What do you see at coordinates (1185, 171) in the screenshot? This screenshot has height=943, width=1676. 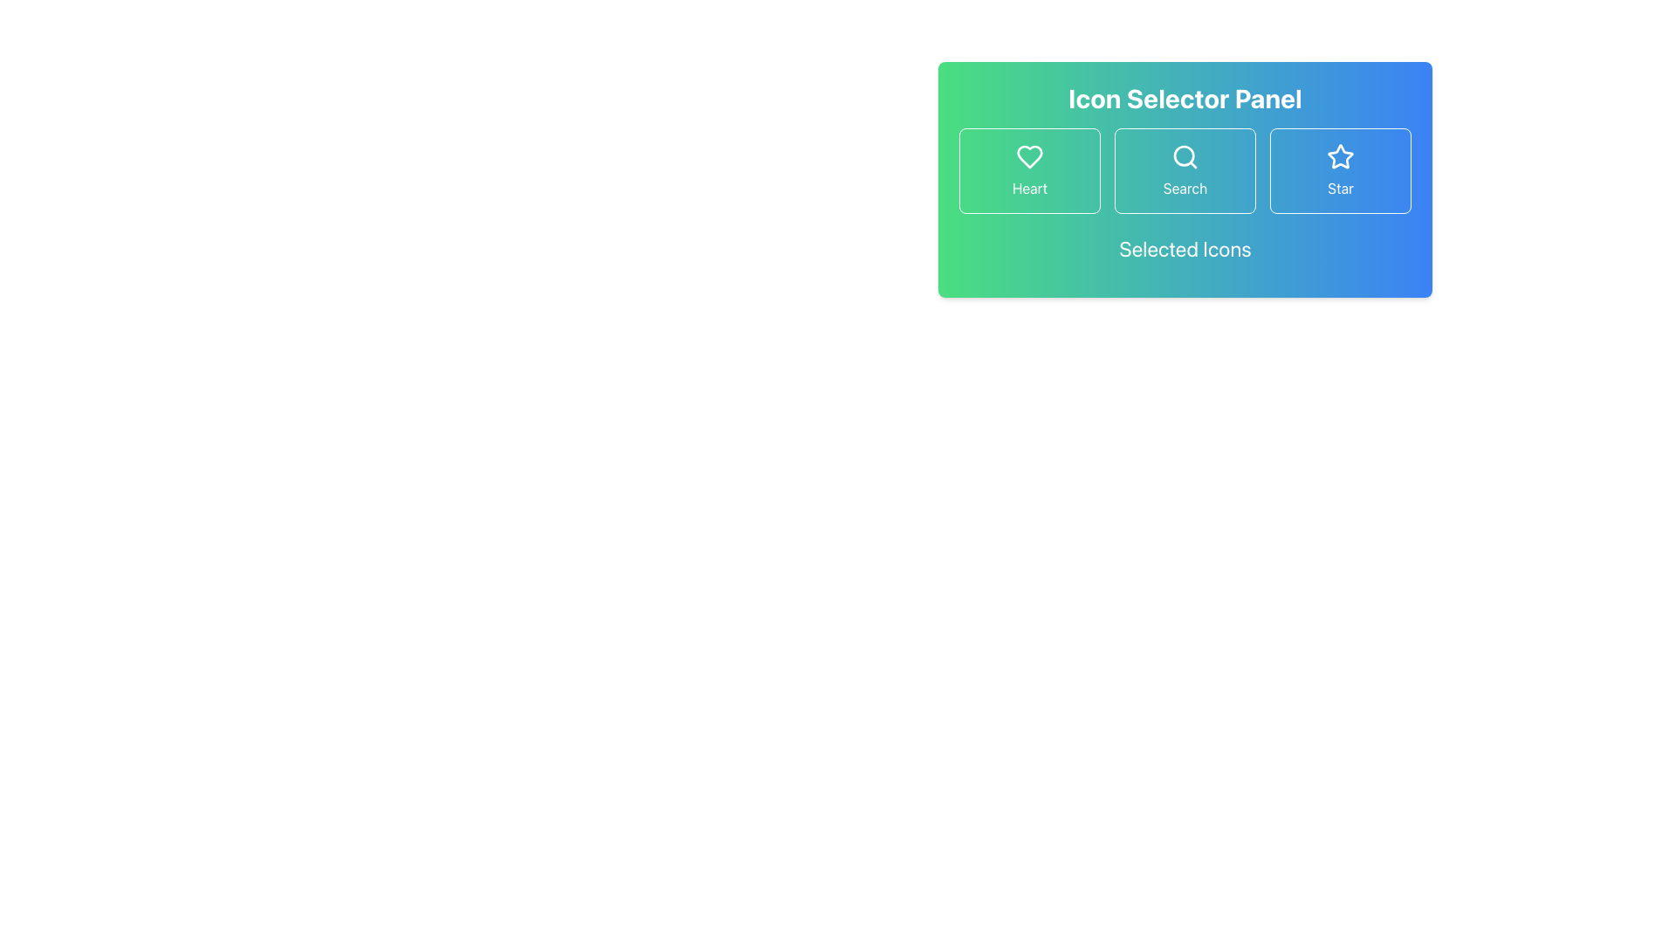 I see `the center button in the horizontal grid layout to observe the hover effect` at bounding box center [1185, 171].